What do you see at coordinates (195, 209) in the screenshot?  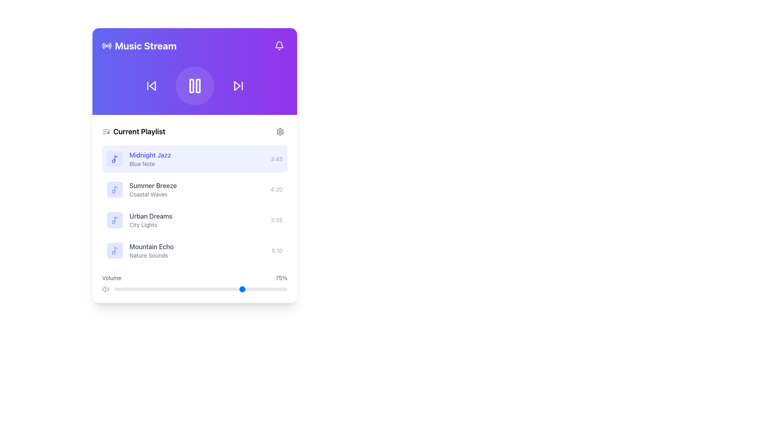 I see `the Playlist item row representing the second track in the playlist` at bounding box center [195, 209].